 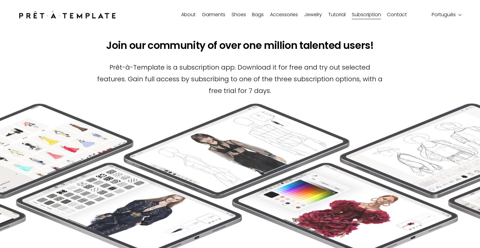 I want to click on 'Português', so click(x=443, y=14).